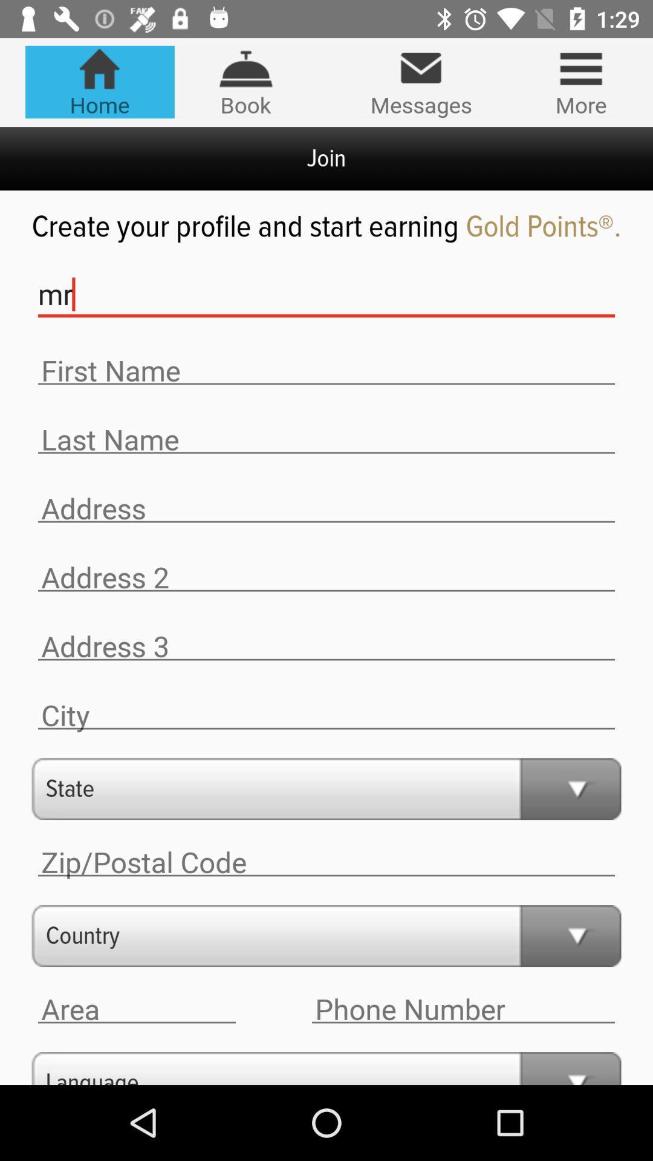 This screenshot has height=1161, width=653. I want to click on address input box, so click(326, 509).